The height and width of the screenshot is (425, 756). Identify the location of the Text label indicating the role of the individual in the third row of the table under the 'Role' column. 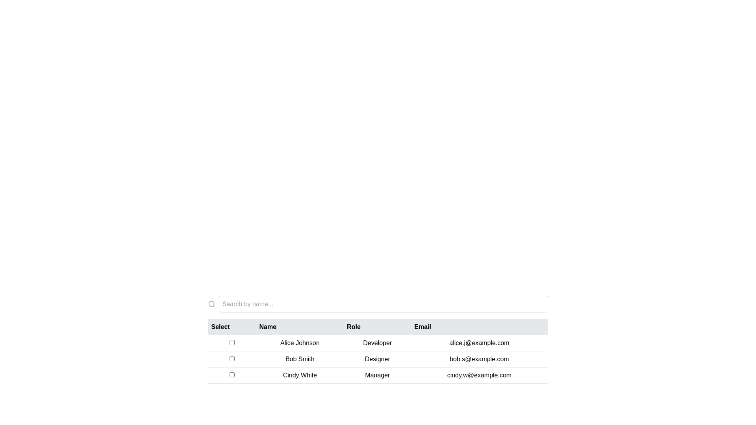
(377, 375).